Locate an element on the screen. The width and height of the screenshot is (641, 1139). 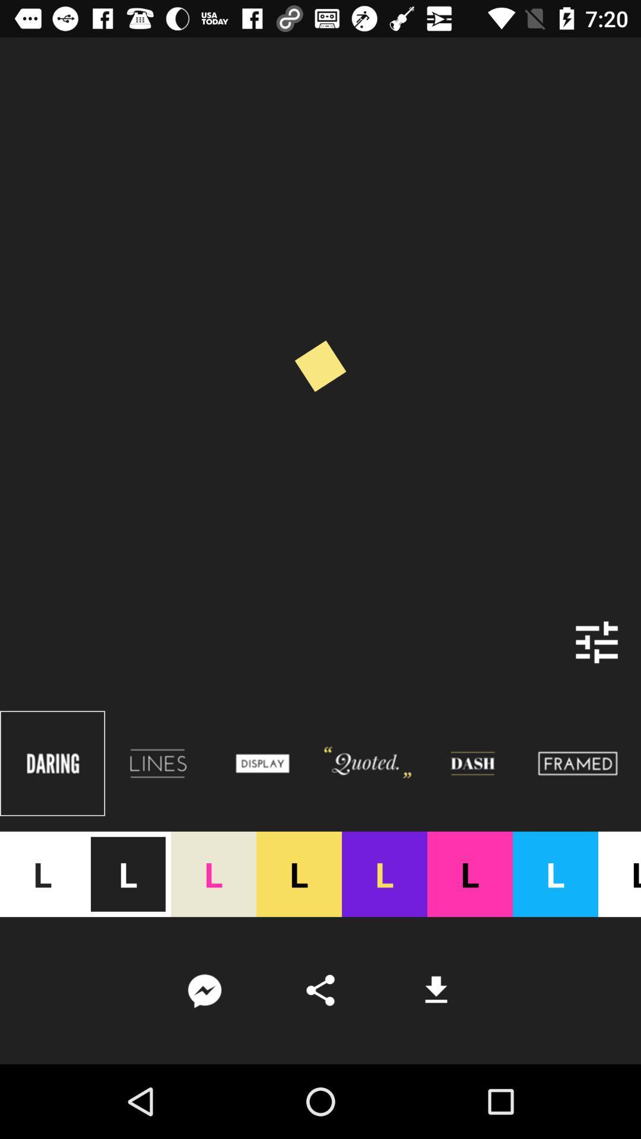
the share icon is located at coordinates (320, 990).